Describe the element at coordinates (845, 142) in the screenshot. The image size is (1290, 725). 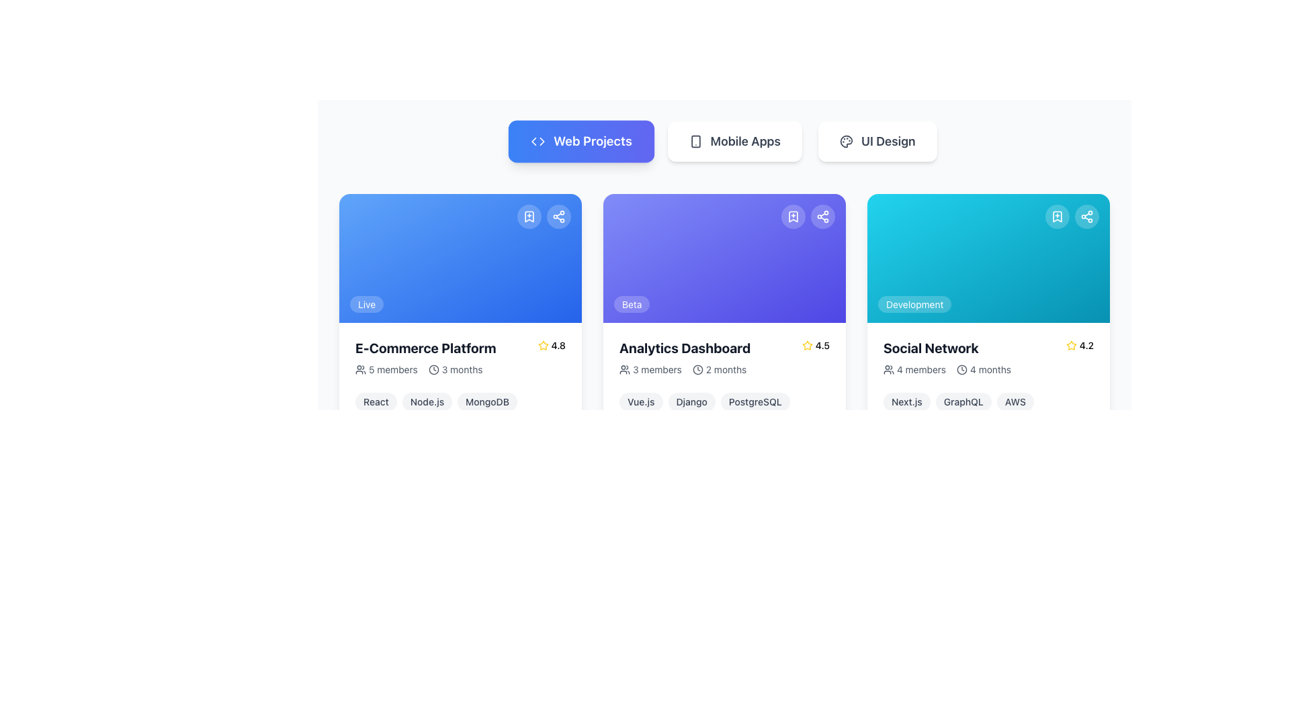
I see `the decorative paint palette icon located within the 'UI Design' button, which is positioned to the left of the text label` at that location.